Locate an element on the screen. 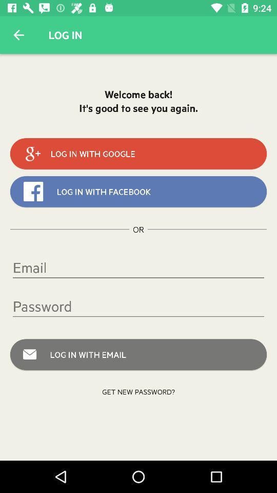  icon next to log in item is located at coordinates (18, 35).